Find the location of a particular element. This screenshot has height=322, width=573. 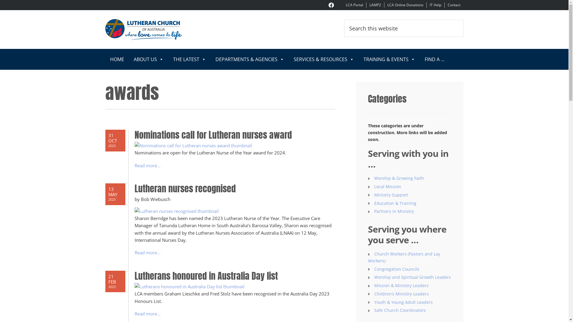

'LCA Online Donations' is located at coordinates (405, 5).